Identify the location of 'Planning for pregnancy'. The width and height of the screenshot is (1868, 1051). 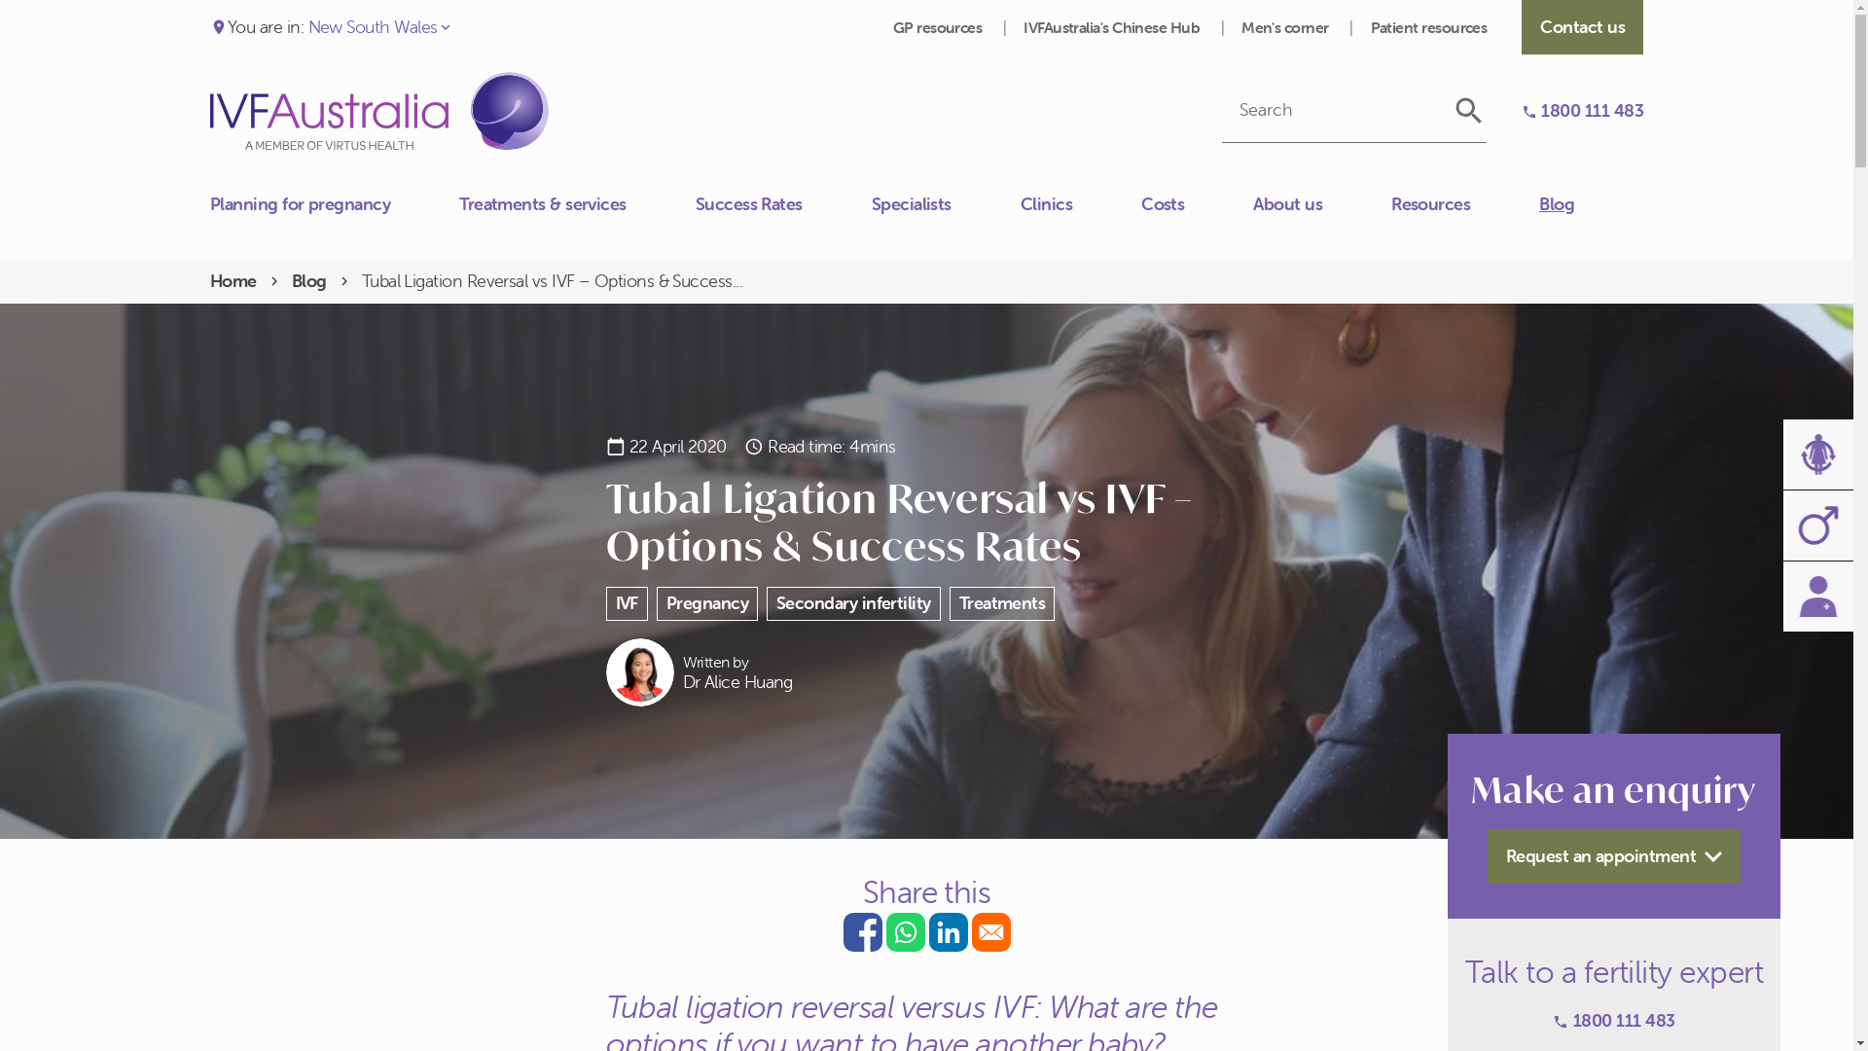
(335, 203).